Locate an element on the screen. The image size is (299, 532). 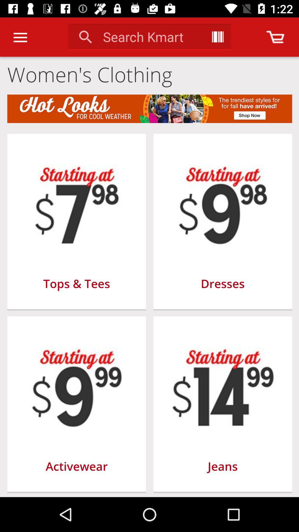
search by barcode is located at coordinates (217, 37).